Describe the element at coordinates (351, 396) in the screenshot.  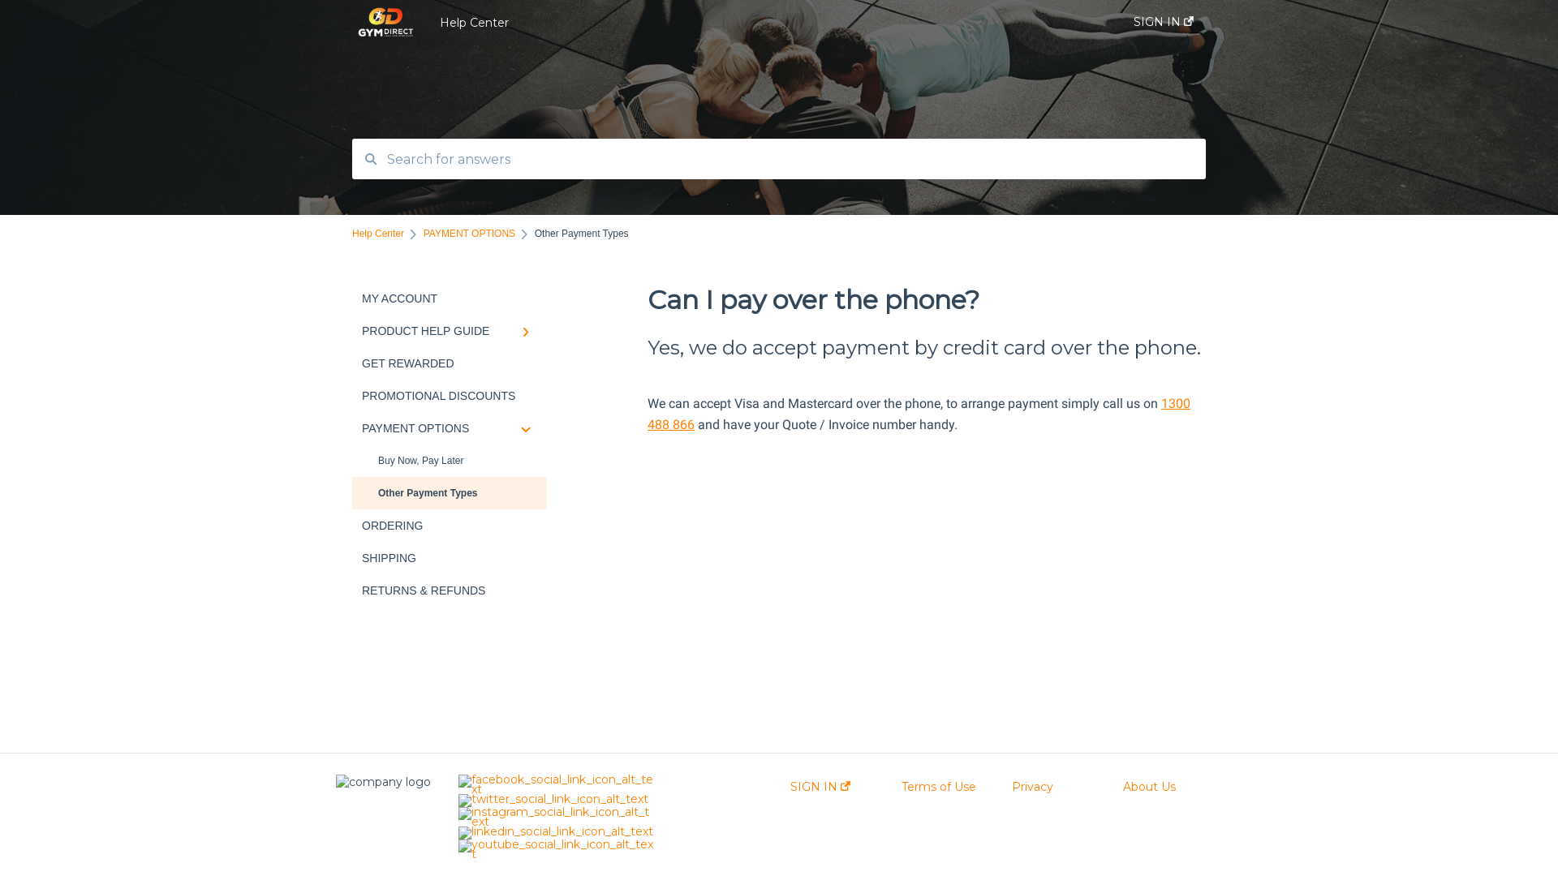
I see `'PROMOTIONAL DISCOUNTS'` at that location.